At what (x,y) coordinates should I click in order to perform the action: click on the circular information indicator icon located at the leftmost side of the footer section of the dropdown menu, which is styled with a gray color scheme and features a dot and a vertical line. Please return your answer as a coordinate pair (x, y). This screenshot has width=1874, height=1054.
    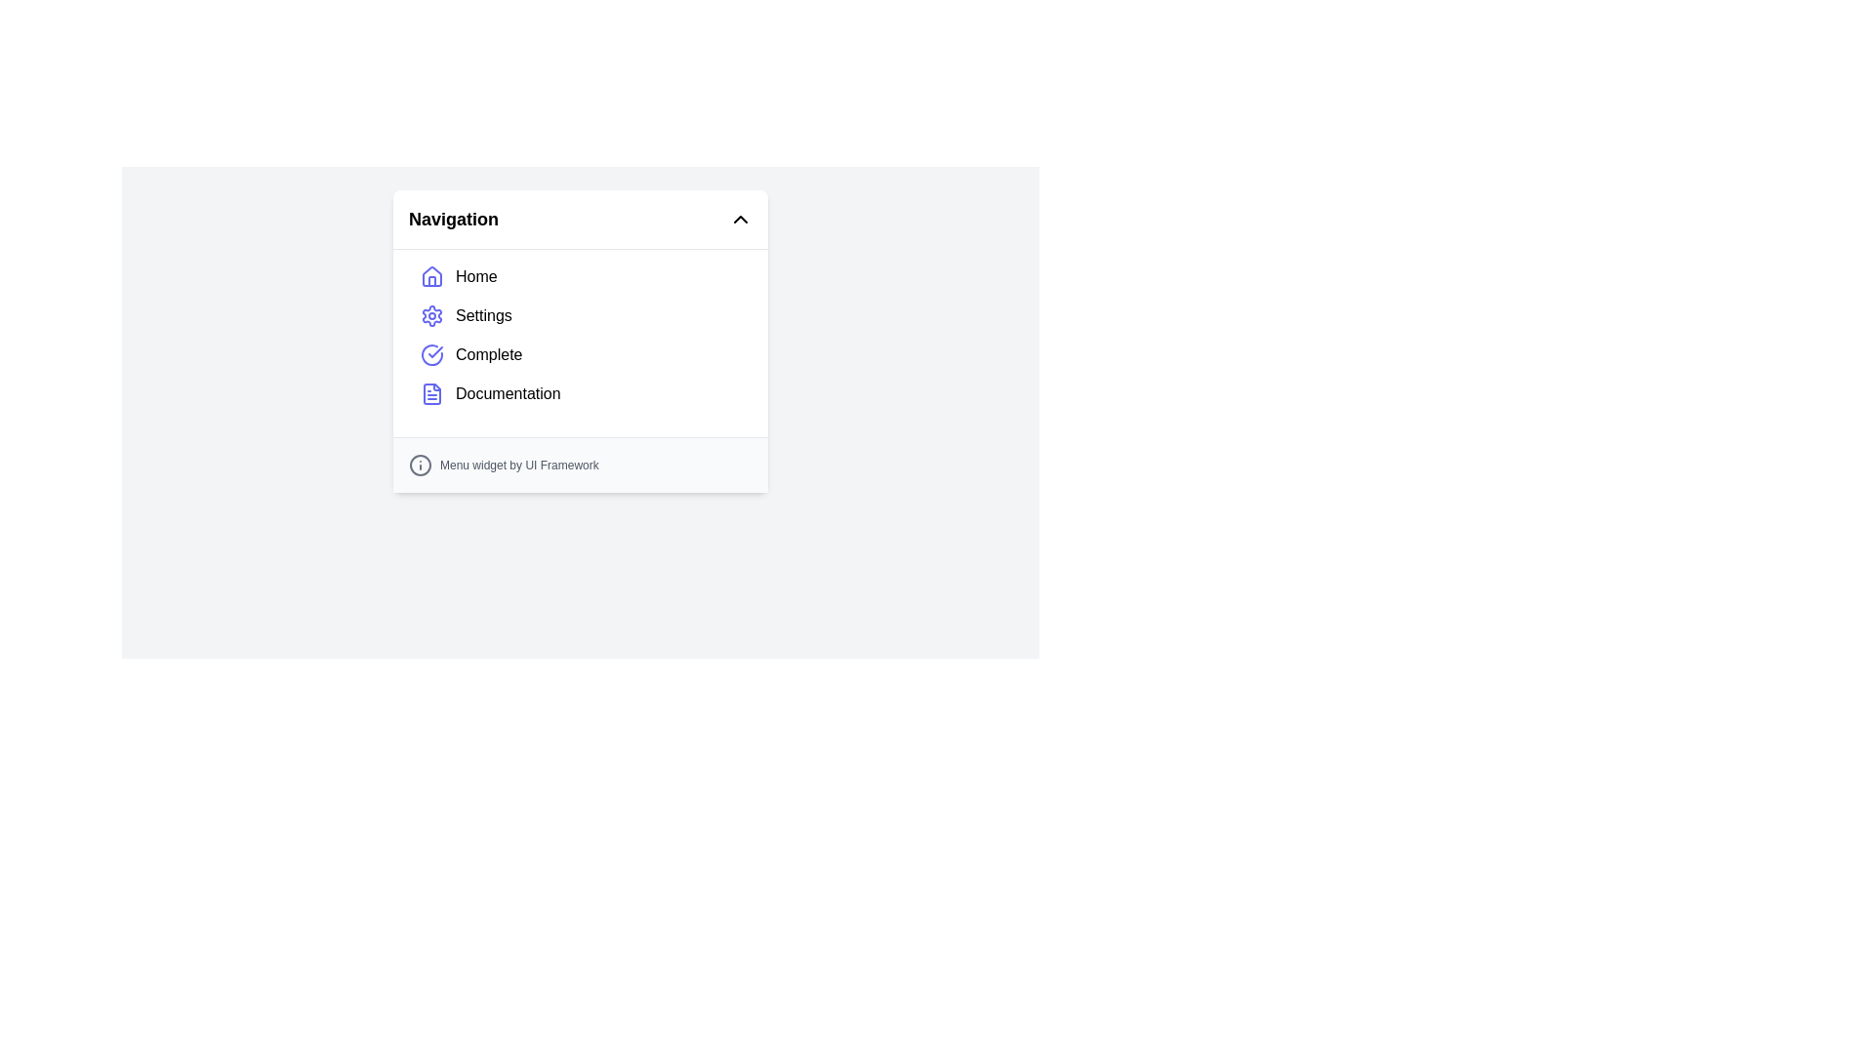
    Looking at the image, I should click on (420, 466).